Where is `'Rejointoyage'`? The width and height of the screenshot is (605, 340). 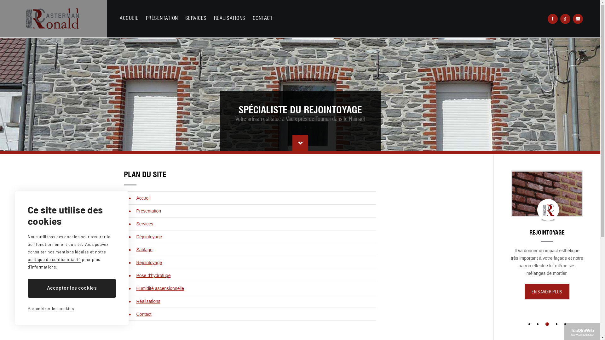 'Rejointoyage' is located at coordinates (149, 262).